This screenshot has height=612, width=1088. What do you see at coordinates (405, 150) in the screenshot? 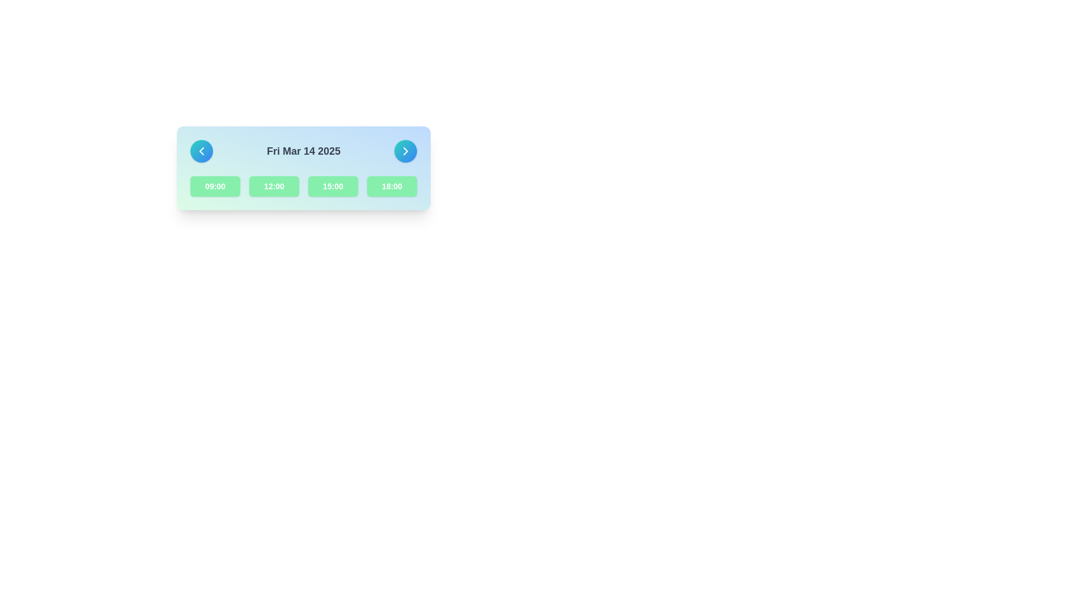
I see `the rightwards arrow icon located within a circular background on the right side of the navigation bar` at bounding box center [405, 150].